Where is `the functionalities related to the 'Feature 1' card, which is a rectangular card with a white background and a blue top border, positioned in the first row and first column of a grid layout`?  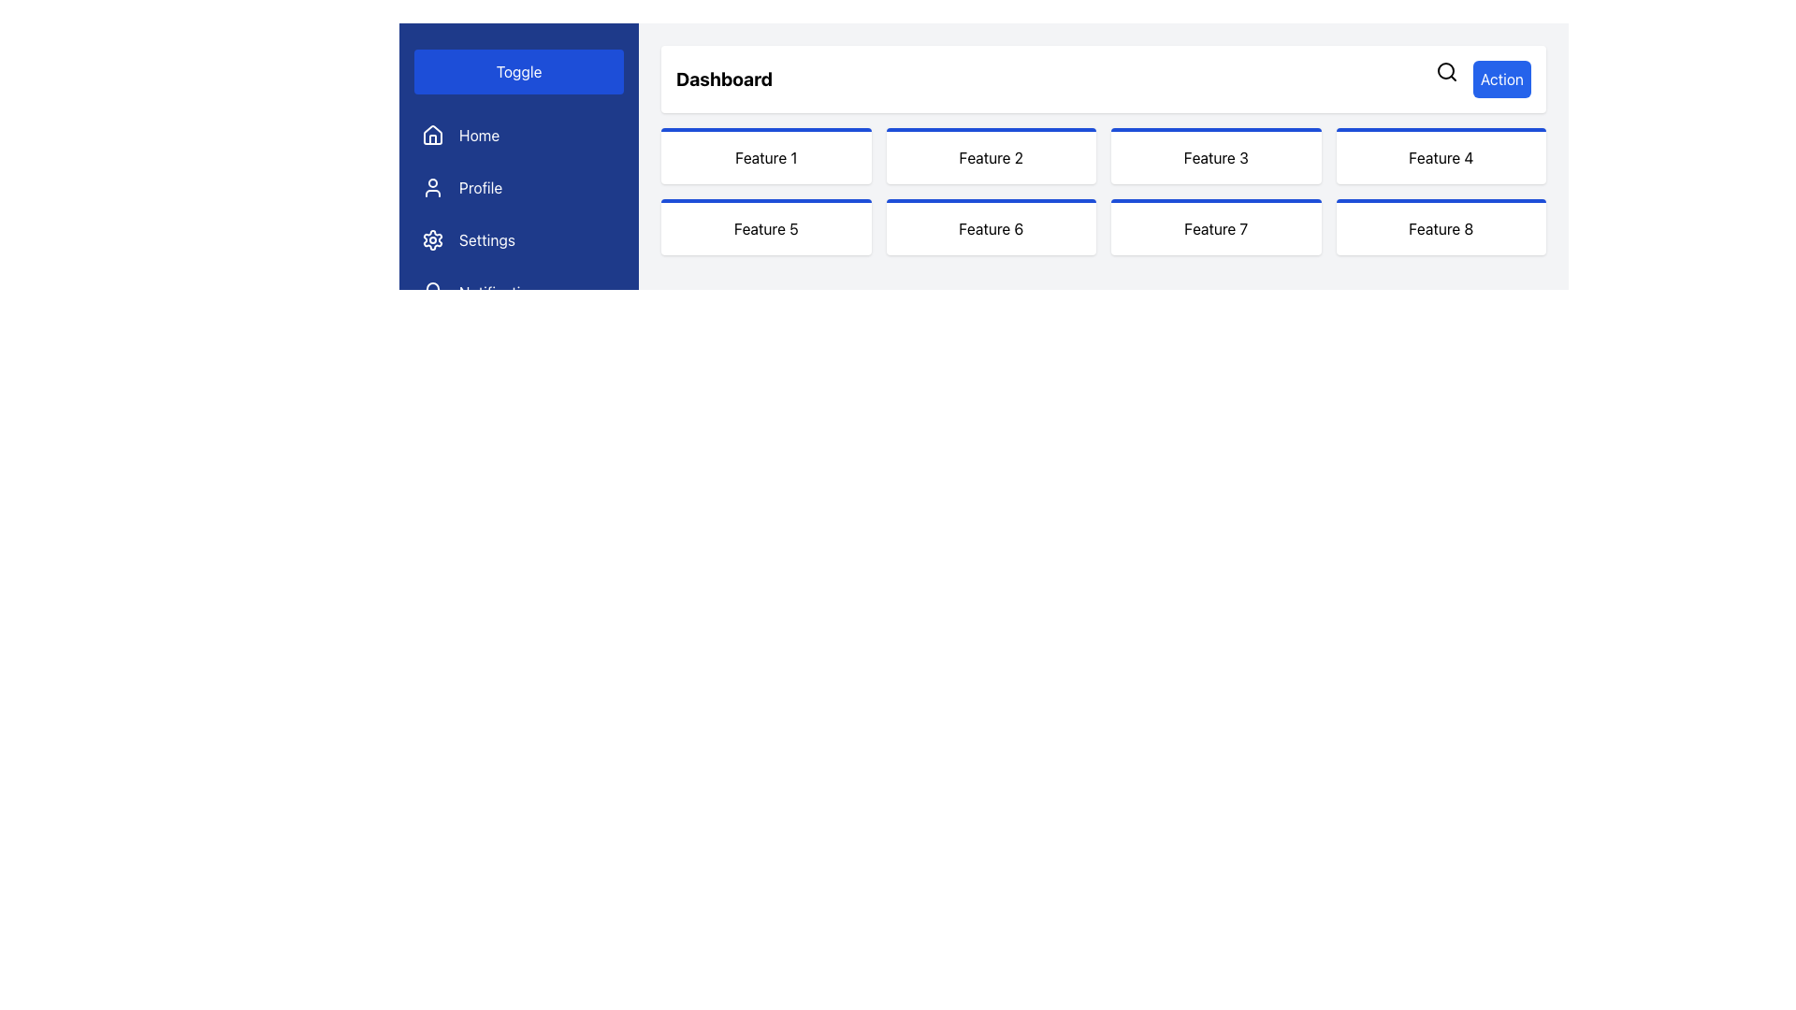
the functionalities related to the 'Feature 1' card, which is a rectangular card with a white background and a blue top border, positioned in the first row and first column of a grid layout is located at coordinates (766, 154).